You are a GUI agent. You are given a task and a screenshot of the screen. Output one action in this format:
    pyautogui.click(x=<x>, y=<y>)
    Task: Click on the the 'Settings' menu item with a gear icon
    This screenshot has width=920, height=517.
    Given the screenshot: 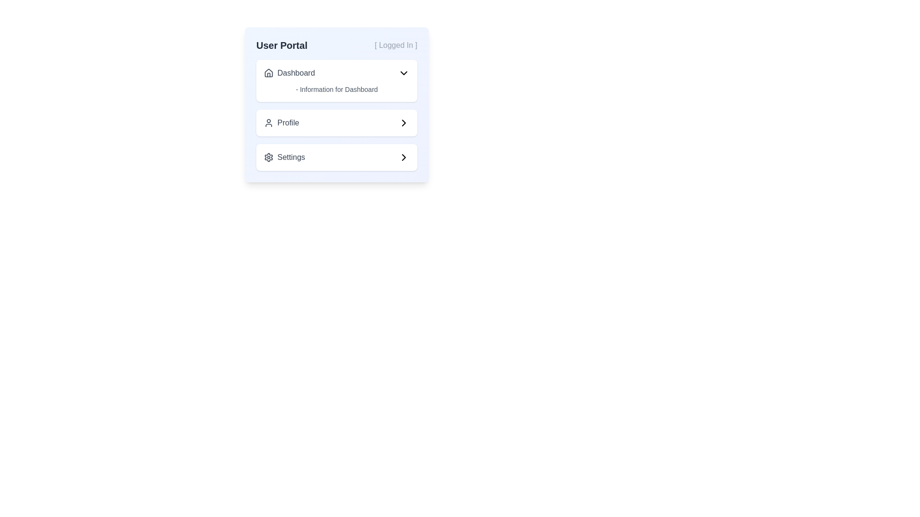 What is the action you would take?
    pyautogui.click(x=284, y=157)
    